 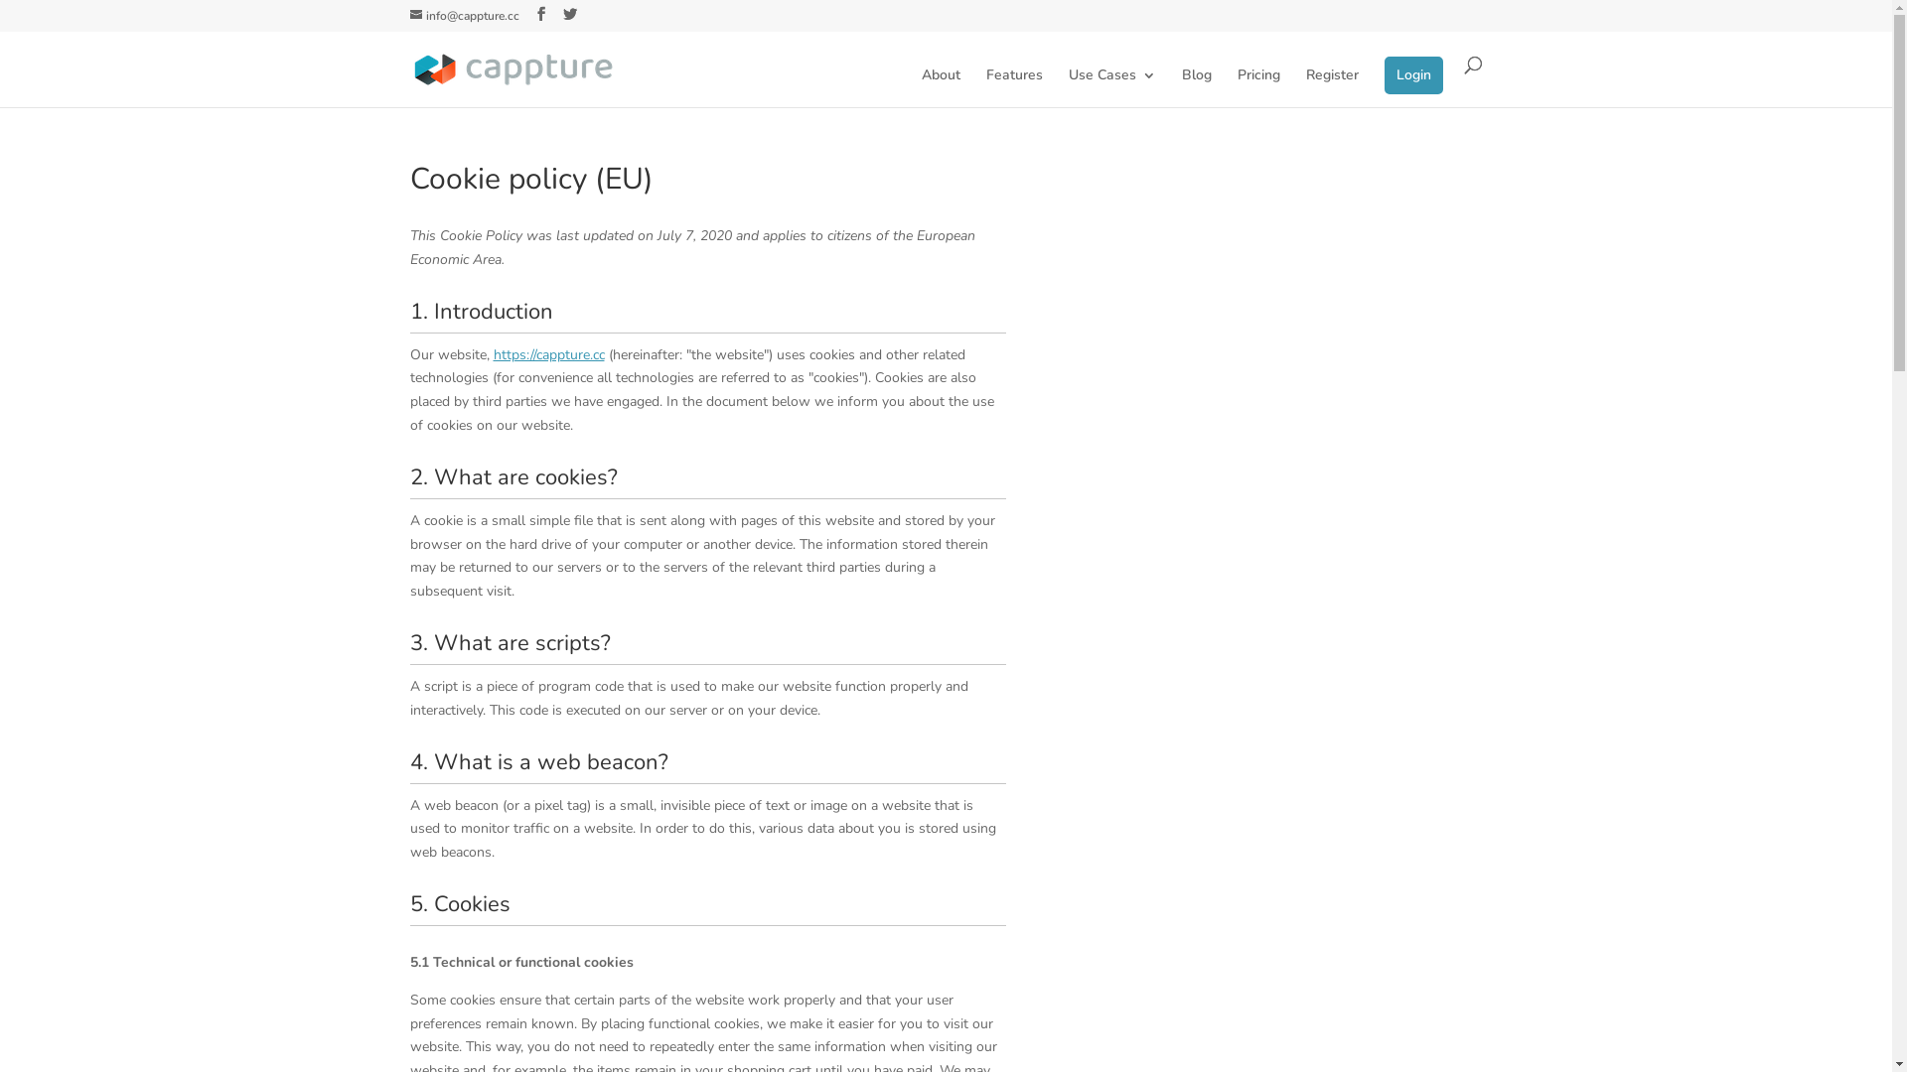 What do you see at coordinates (920, 86) in the screenshot?
I see `'About'` at bounding box center [920, 86].